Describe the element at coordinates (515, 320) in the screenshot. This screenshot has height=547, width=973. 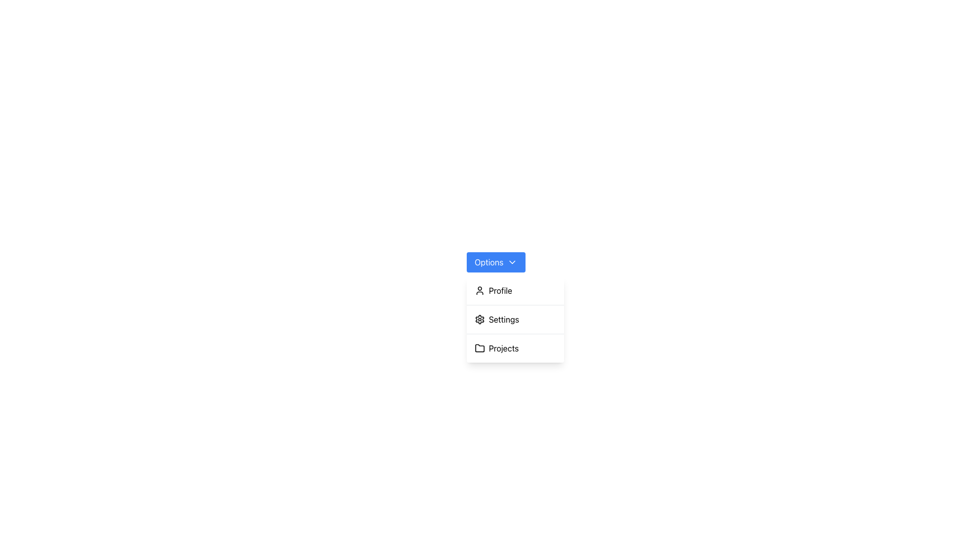
I see `the 'Settings' hyperlink, which is the second item in a vertical list of options` at that location.